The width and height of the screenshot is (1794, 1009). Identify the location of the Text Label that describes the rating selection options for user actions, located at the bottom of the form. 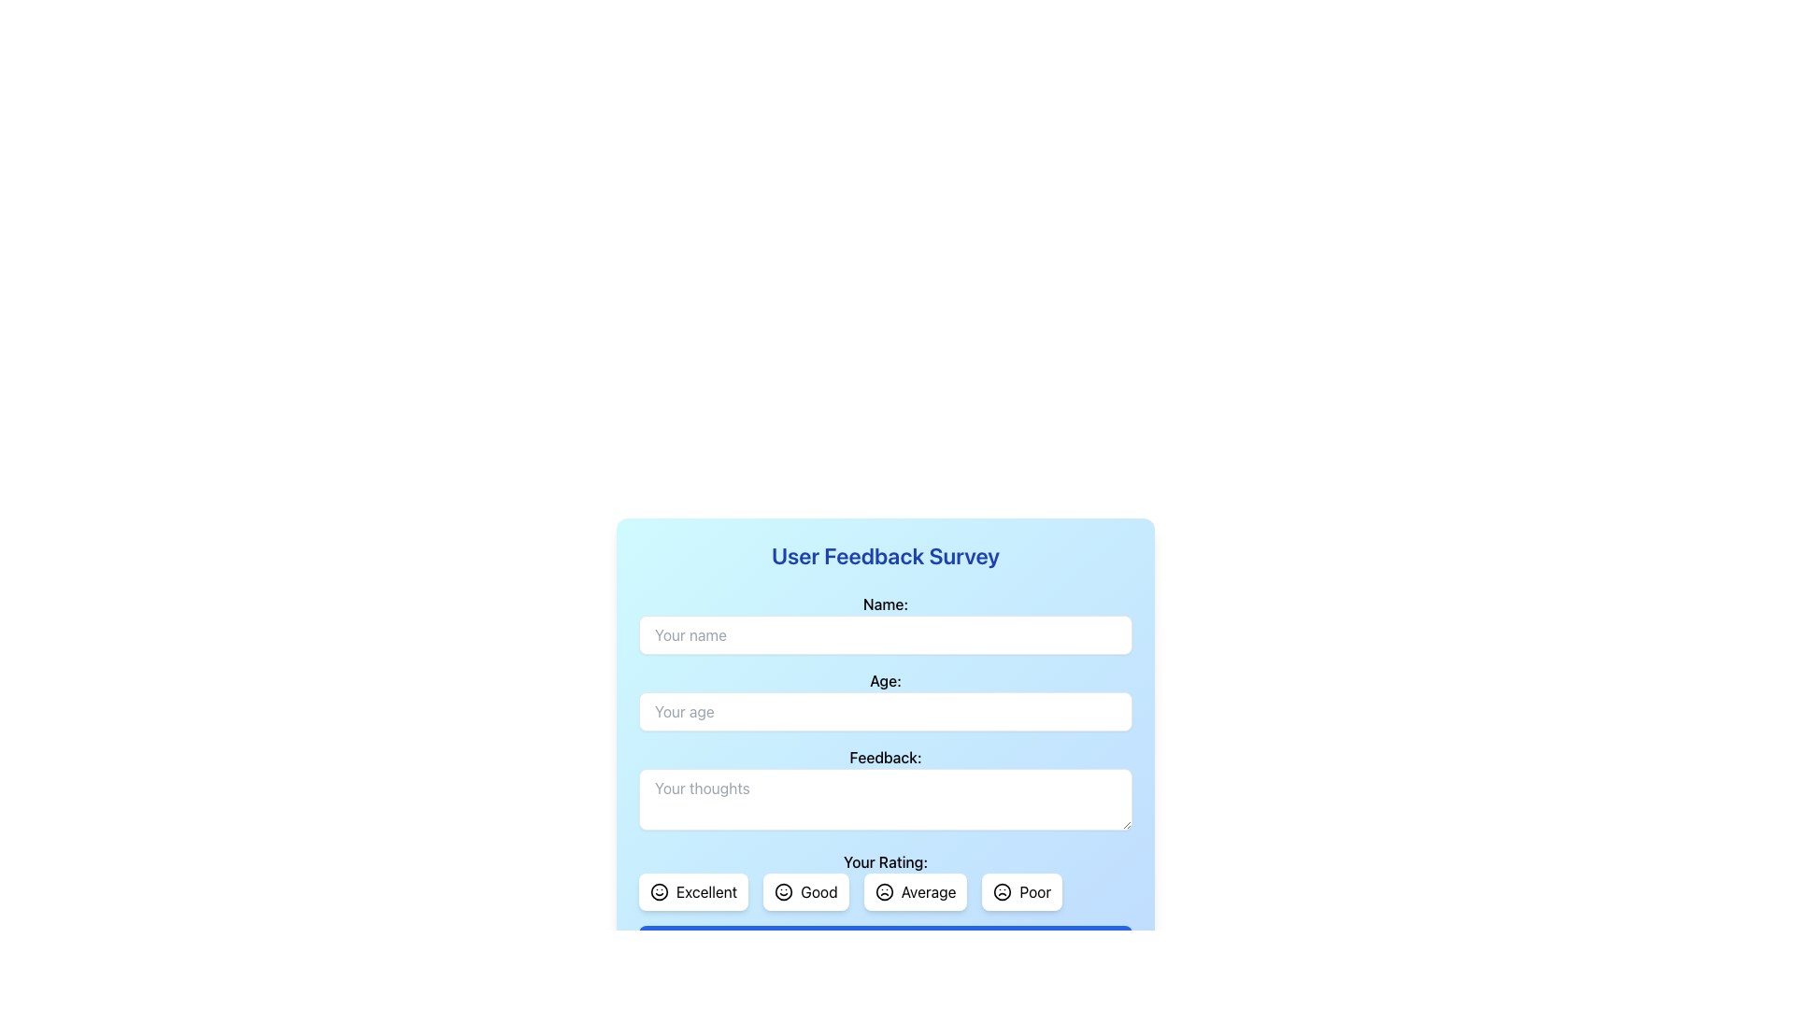
(885, 861).